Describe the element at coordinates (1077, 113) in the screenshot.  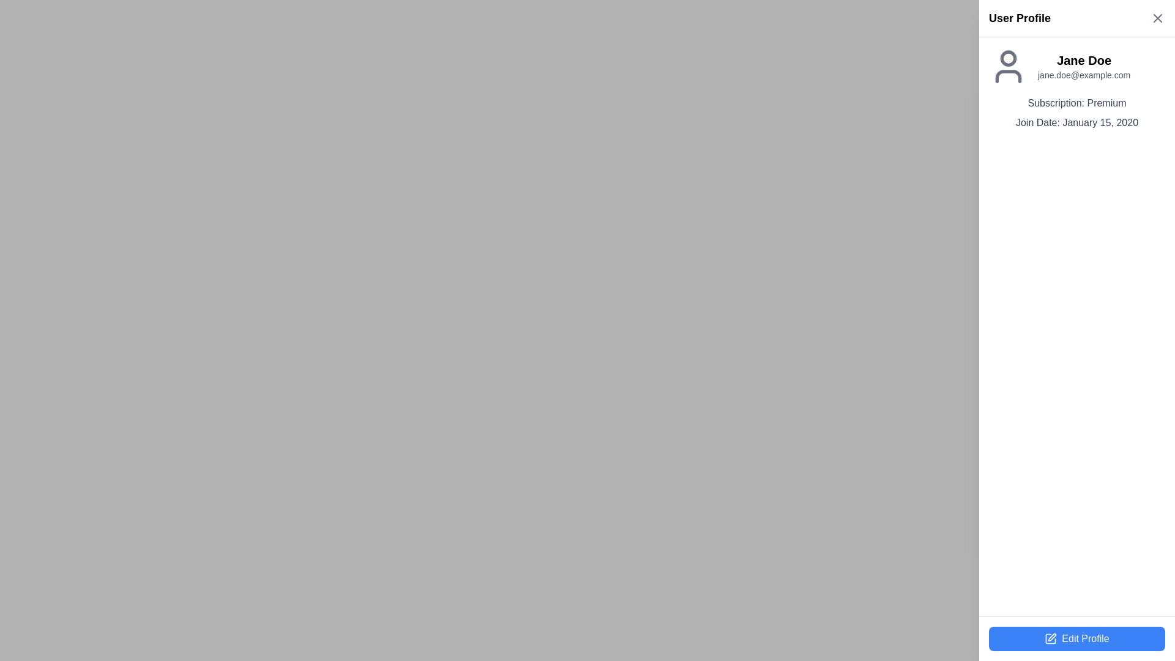
I see `the Text Display element that shows user subscription information and join date, located below the user's name and email in the upper section of the user profile panel` at that location.